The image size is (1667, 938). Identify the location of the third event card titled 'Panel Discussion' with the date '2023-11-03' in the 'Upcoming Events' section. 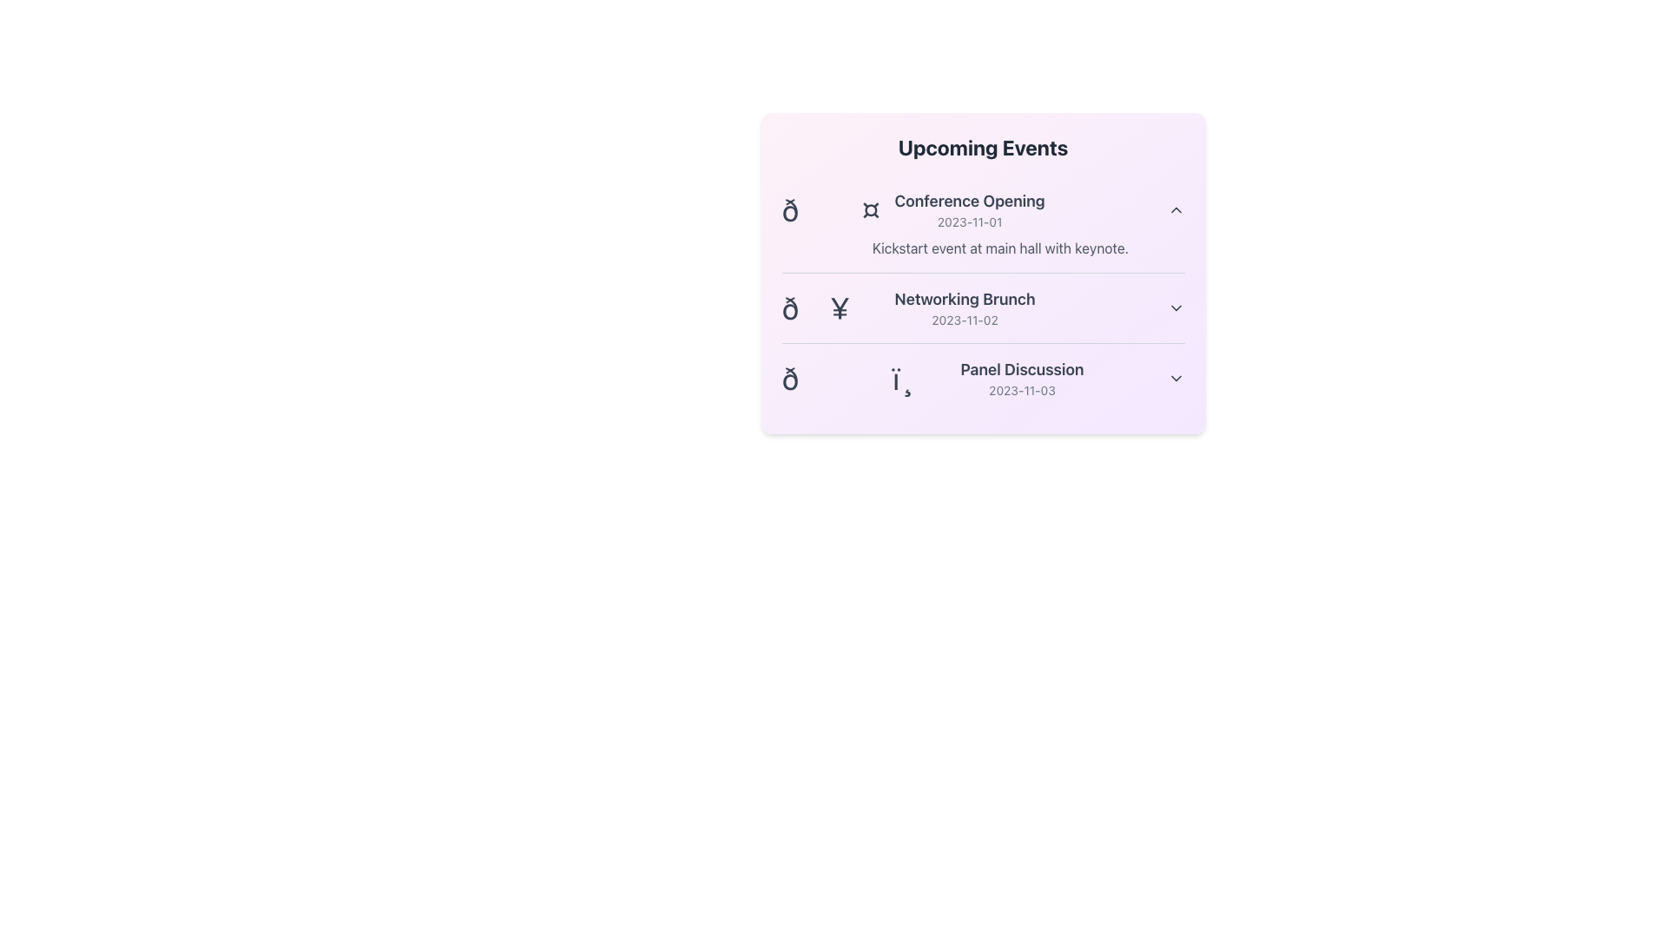
(983, 377).